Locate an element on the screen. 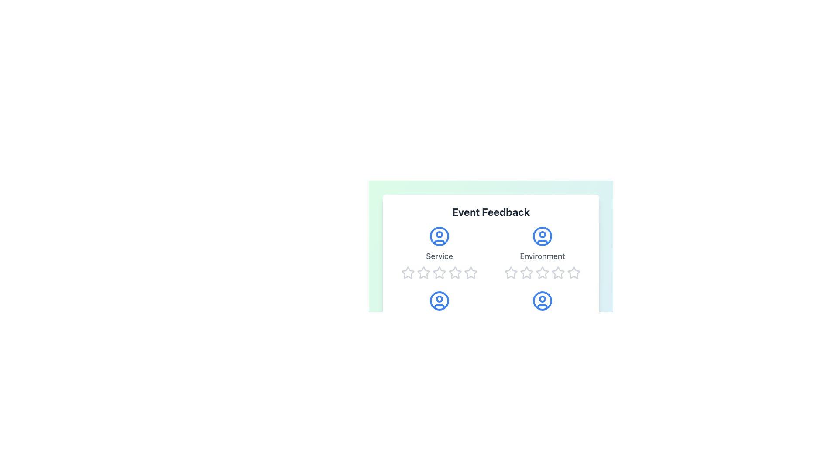 The height and width of the screenshot is (471, 838). the stylized user avatar icon with a blue circular border located in the center of the 'Environment' section, above the rating stars in the feedback interface is located at coordinates (542, 236).